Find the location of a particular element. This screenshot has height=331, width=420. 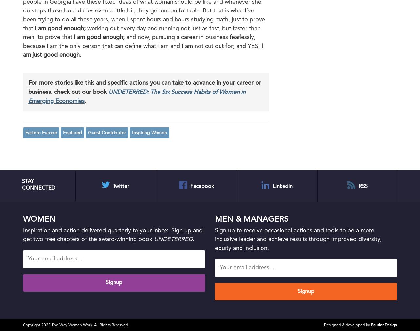

'Twitter' is located at coordinates (121, 186).